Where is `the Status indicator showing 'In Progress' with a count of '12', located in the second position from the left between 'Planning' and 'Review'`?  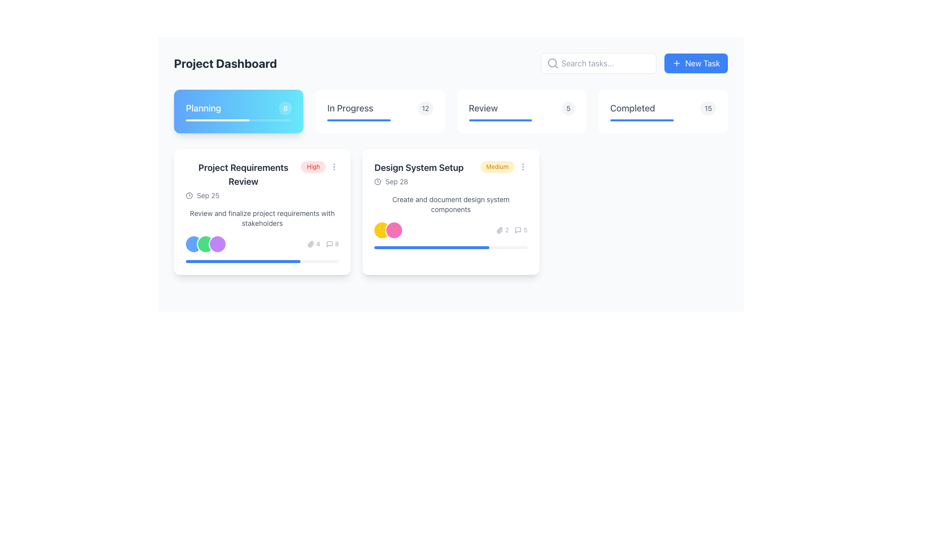 the Status indicator showing 'In Progress' with a count of '12', located in the second position from the left between 'Planning' and 'Review' is located at coordinates (379, 108).